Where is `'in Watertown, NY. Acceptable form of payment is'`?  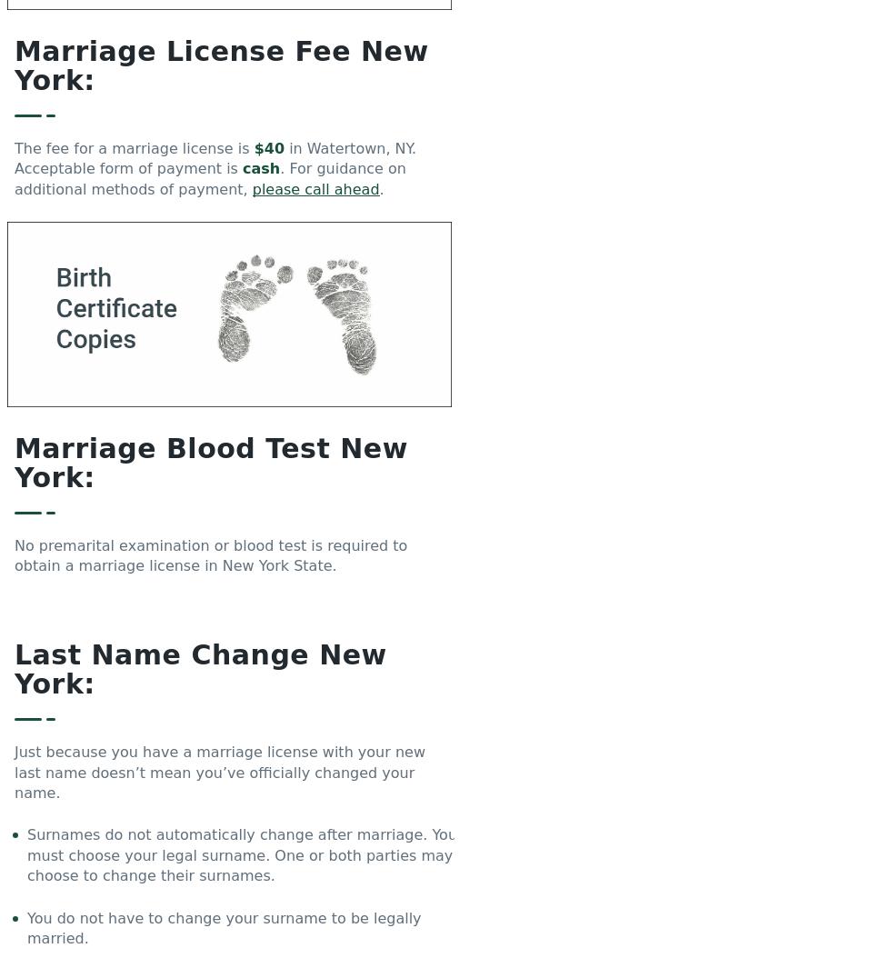 'in Watertown, NY. Acceptable form of payment is' is located at coordinates (215, 157).